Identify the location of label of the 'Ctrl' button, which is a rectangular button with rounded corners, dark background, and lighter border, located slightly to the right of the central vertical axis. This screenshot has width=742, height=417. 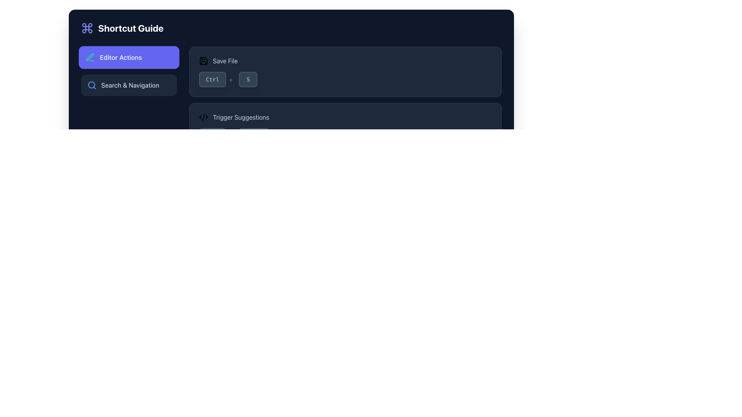
(212, 79).